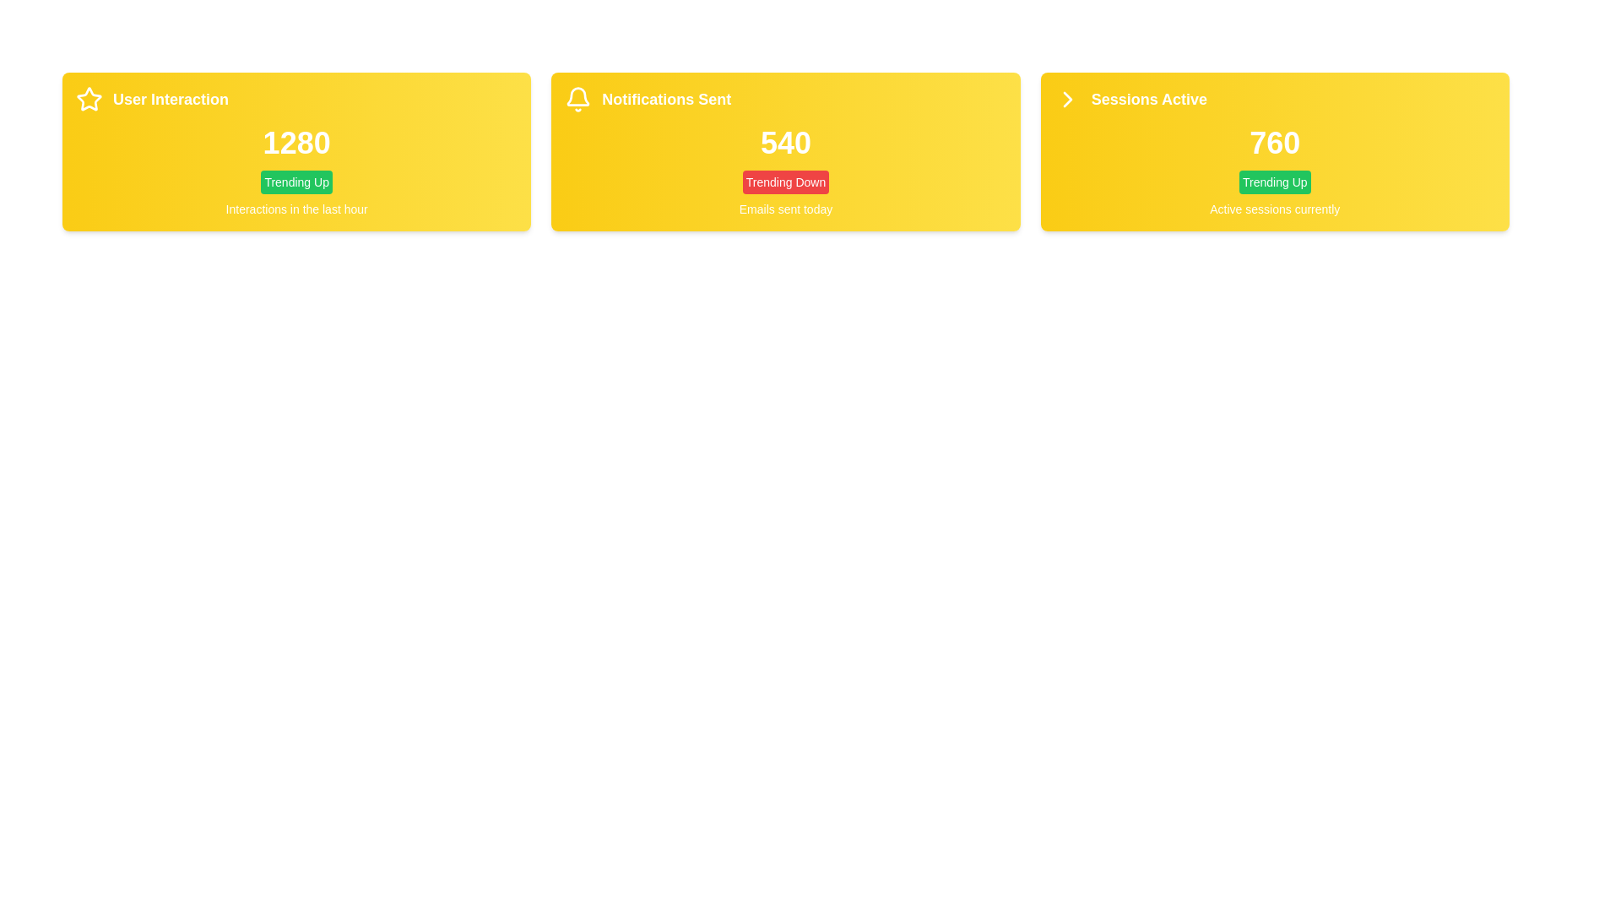  Describe the element at coordinates (1148, 100) in the screenshot. I see `the label indicating active sessions, which is horizontally centered within the rightmost card, positioned to the right of an arrow icon in the card's header` at that location.